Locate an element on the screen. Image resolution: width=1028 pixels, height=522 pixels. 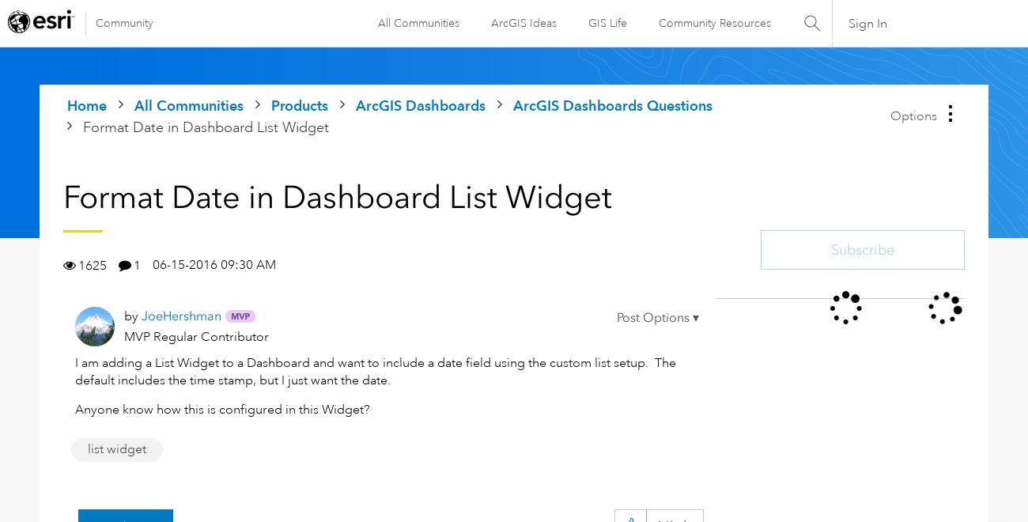
'1625' is located at coordinates (78, 266).